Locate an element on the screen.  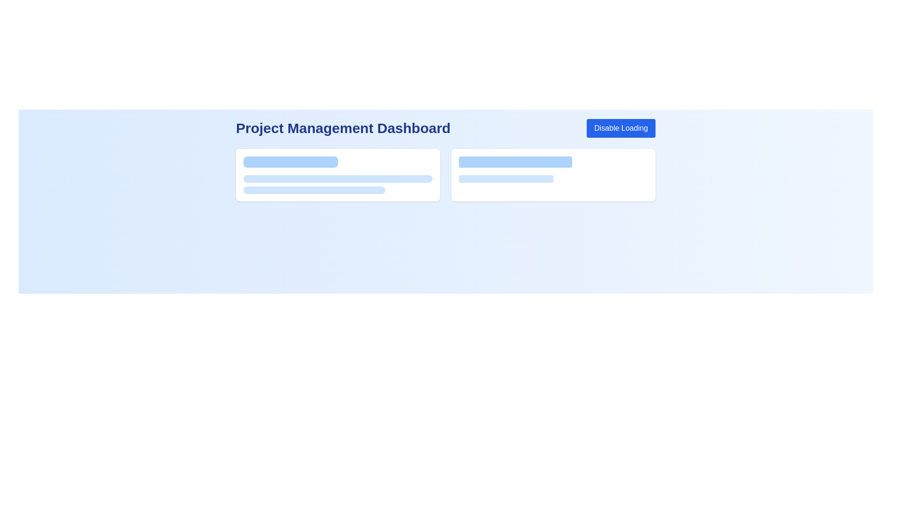
the loading placeholder located in the rightmost card of two adjacent cards, situated at the center point 1182x362 is located at coordinates (553, 170).